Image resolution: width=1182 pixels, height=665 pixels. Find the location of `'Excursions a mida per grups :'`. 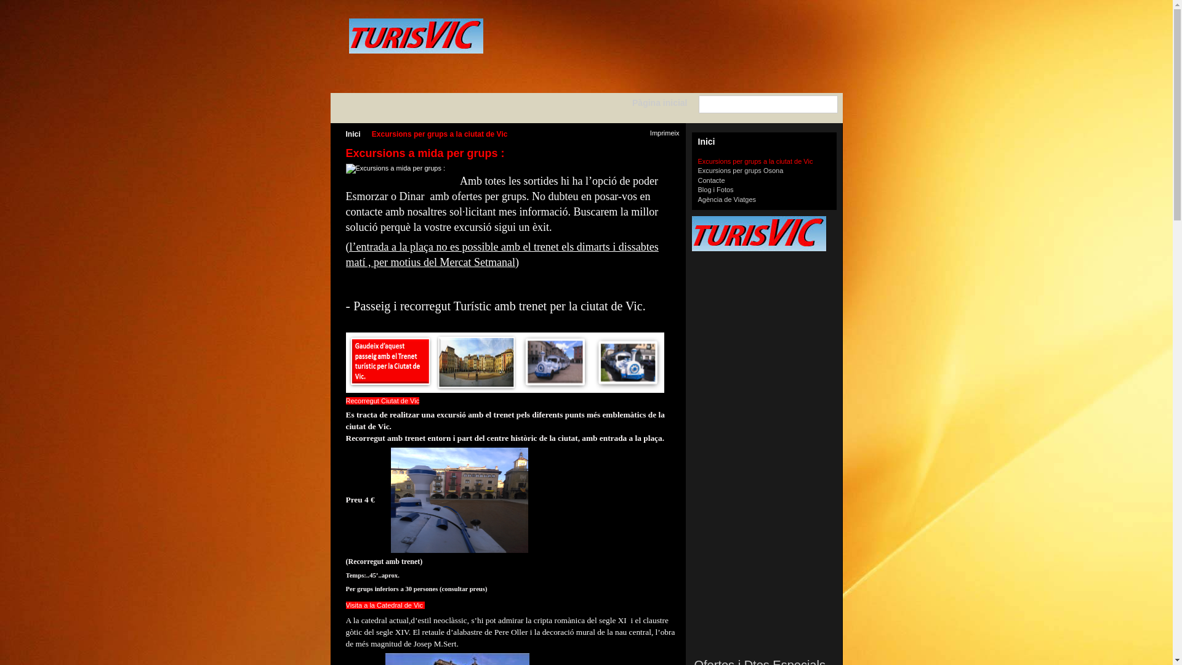

'Excursions a mida per grups :' is located at coordinates (396, 168).